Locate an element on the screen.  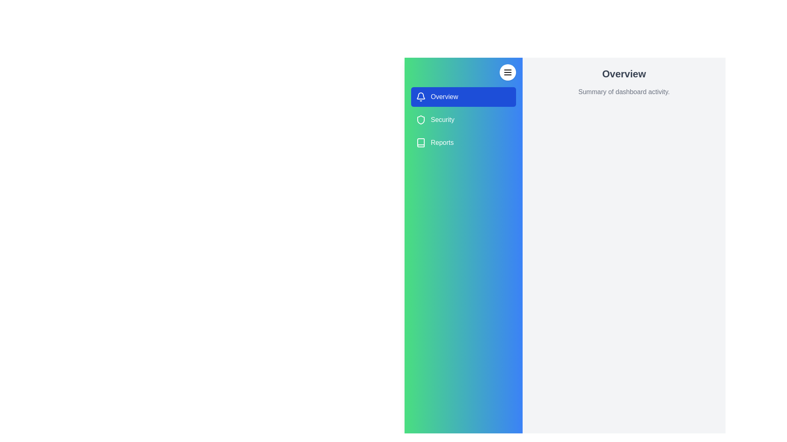
the menu item corresponding to the section Overview is located at coordinates (464, 96).